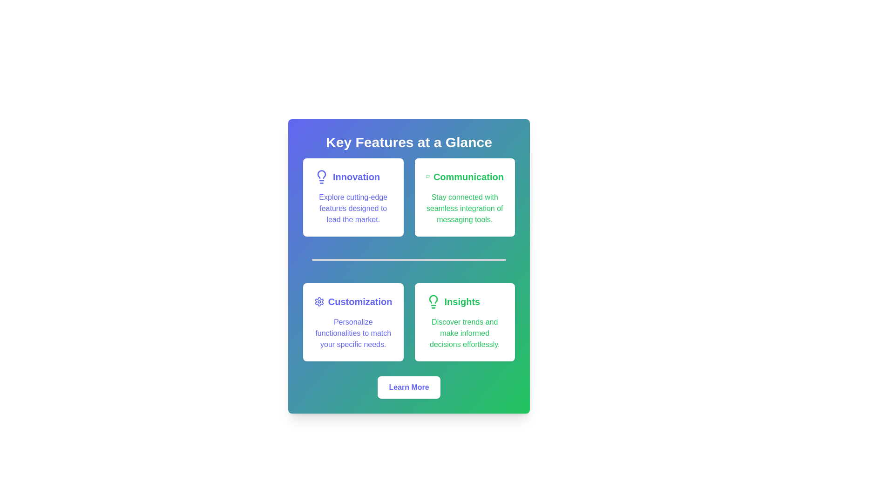 The height and width of the screenshot is (503, 894). What do you see at coordinates (359, 302) in the screenshot?
I see `the text label displaying 'Customization'` at bounding box center [359, 302].